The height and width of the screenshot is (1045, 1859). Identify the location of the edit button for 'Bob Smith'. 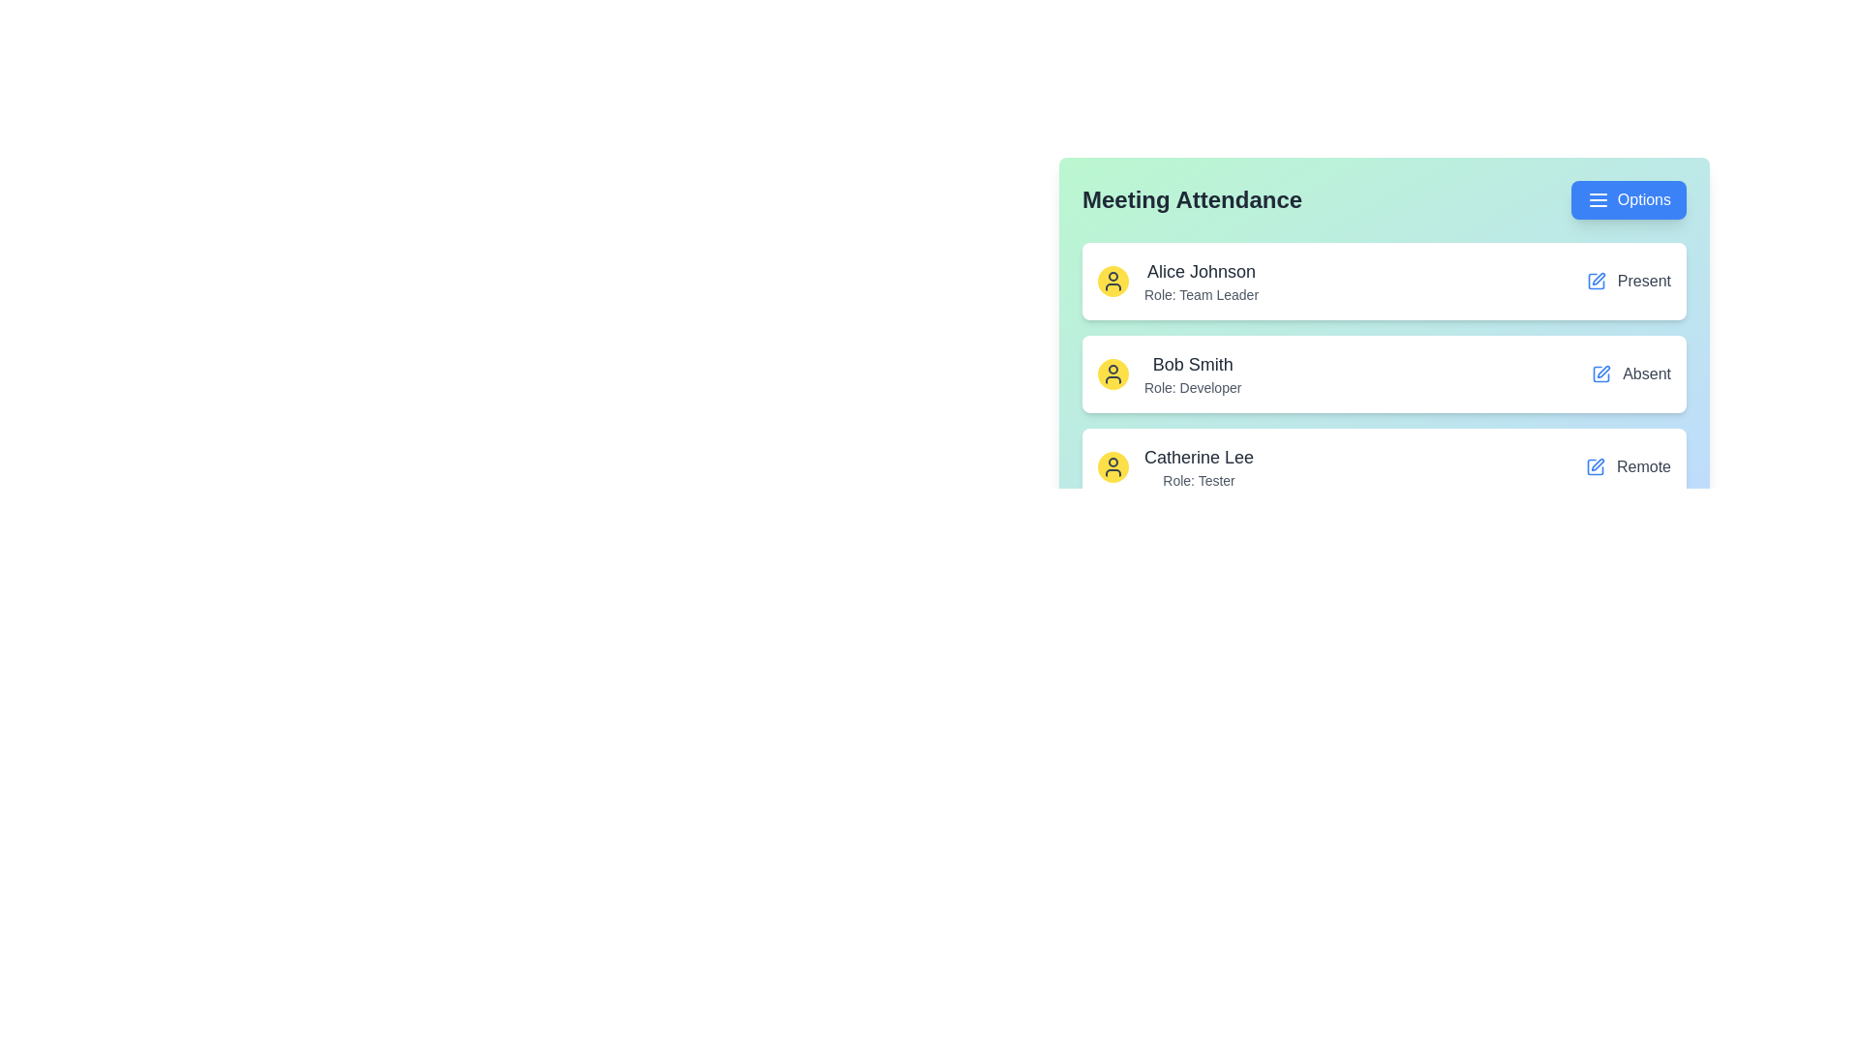
(1601, 373).